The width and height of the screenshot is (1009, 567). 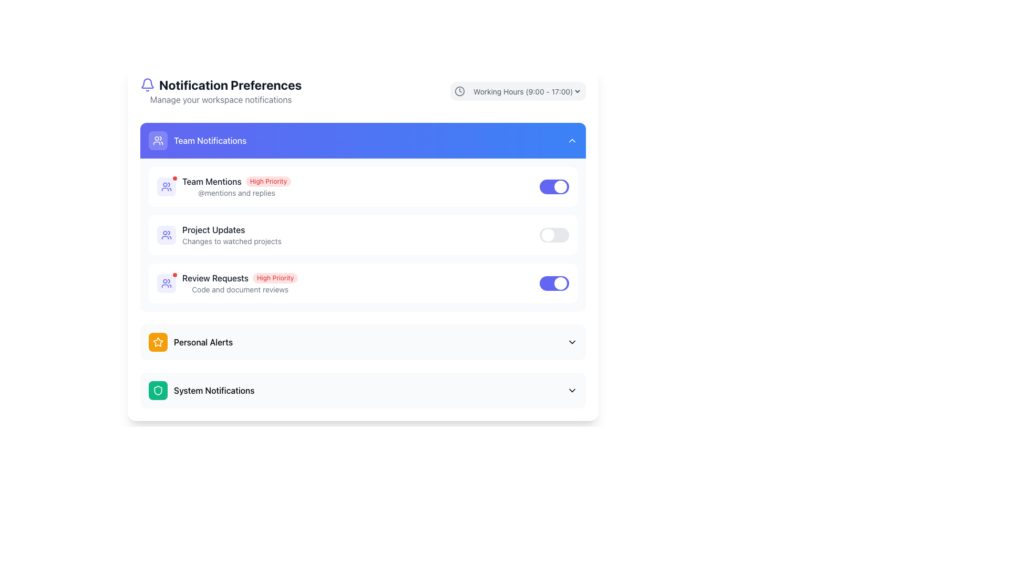 What do you see at coordinates (275, 277) in the screenshot?
I see `text of the high priority status label located in the 'Review Requests' section, adjacent to the 'Review Requests' text in the 'Team Notifications' category` at bounding box center [275, 277].